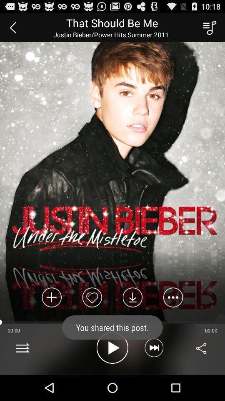 The width and height of the screenshot is (225, 401). What do you see at coordinates (132, 318) in the screenshot?
I see `the file_download icon` at bounding box center [132, 318].